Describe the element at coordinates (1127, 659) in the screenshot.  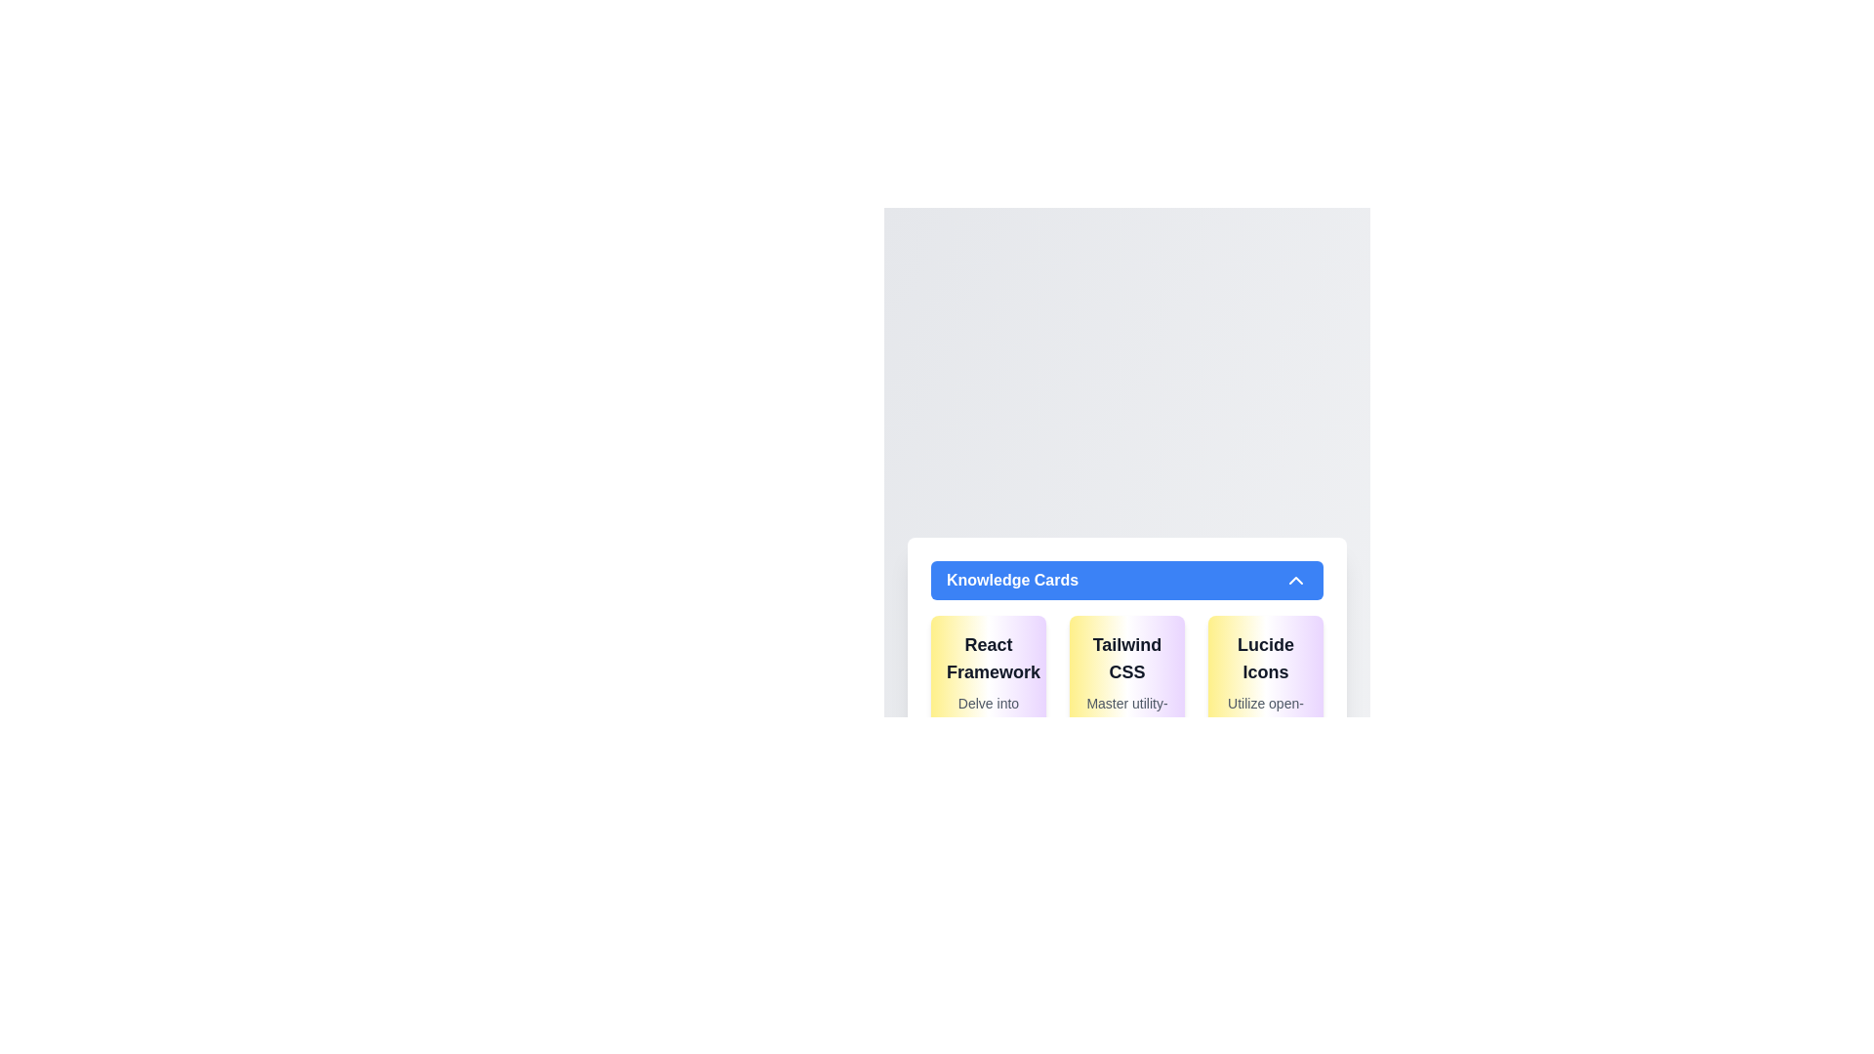
I see `the title text label for the Tailwind CSS card, which is located at the top center of a rounded rectangular card with a gradient yellow to purple background` at that location.